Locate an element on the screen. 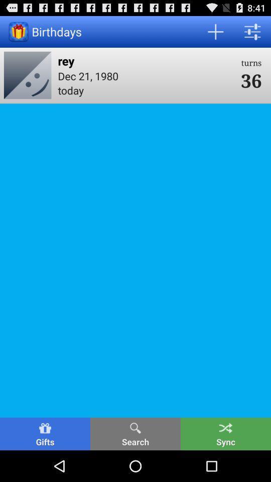  search is located at coordinates (135, 433).